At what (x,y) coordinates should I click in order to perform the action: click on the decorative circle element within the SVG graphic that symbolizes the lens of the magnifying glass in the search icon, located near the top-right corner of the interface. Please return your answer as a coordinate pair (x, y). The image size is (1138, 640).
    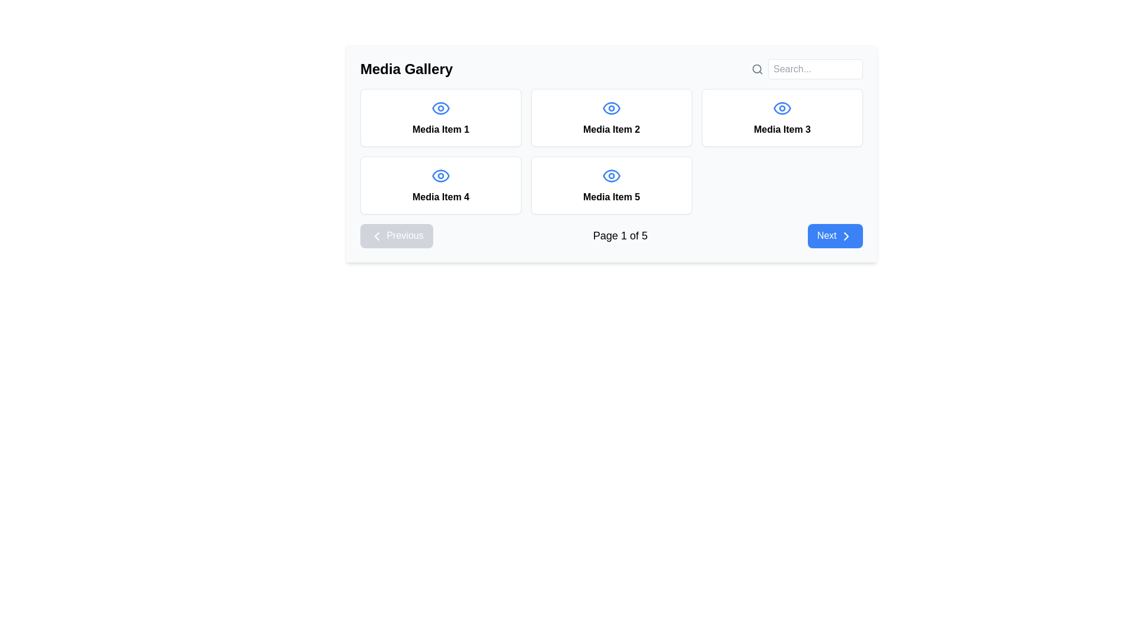
    Looking at the image, I should click on (756, 69).